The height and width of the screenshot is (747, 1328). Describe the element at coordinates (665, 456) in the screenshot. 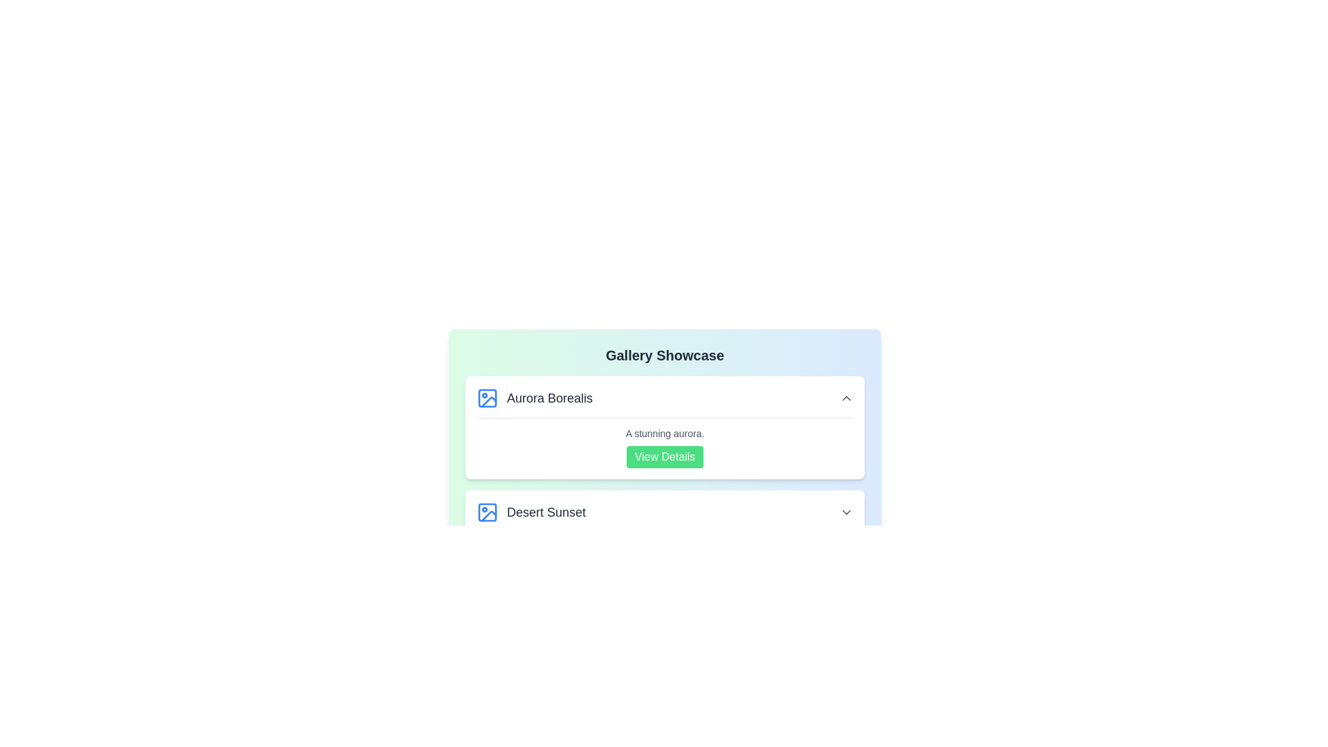

I see `'View Details' button of the expanded 'Aurora Borealis' item` at that location.